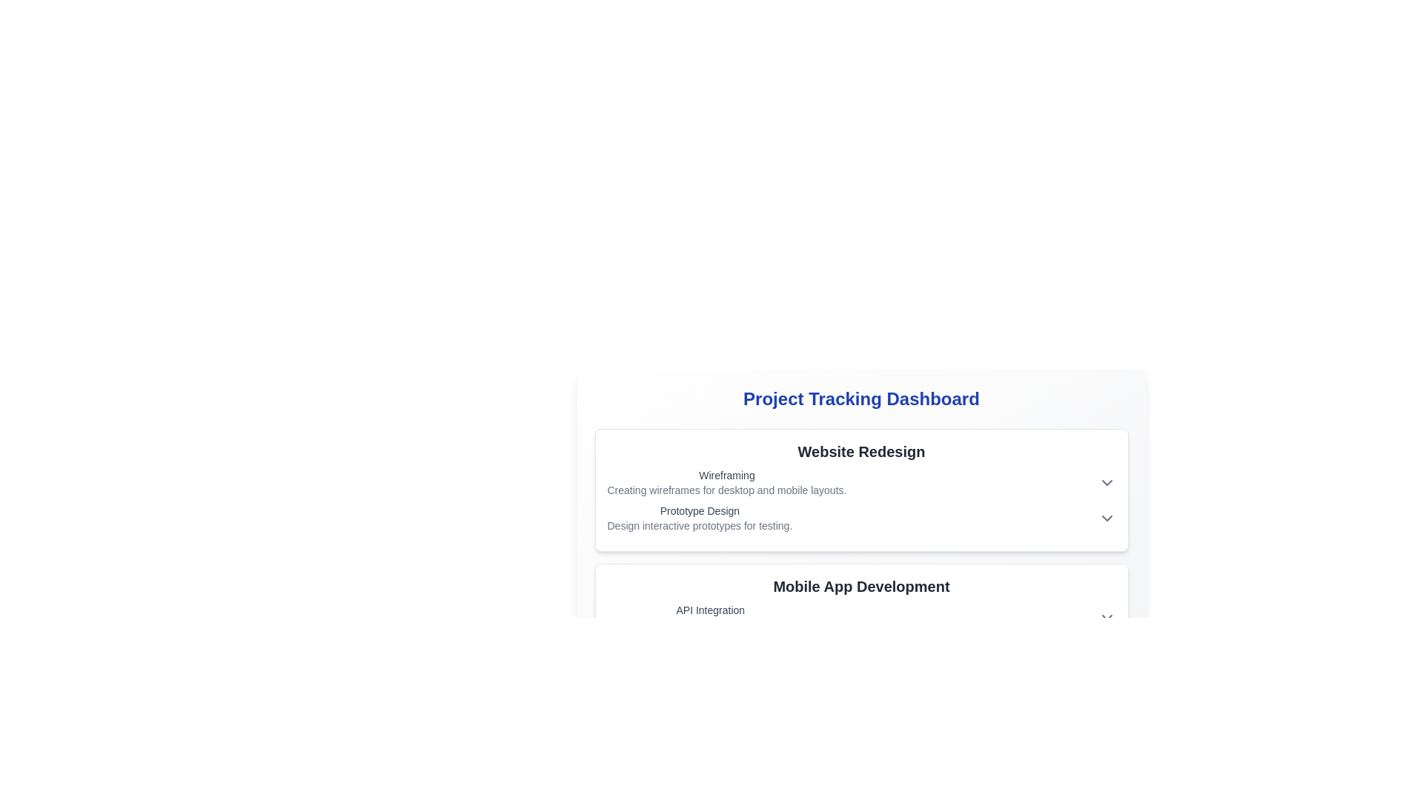 Image resolution: width=1423 pixels, height=800 pixels. What do you see at coordinates (1107, 517) in the screenshot?
I see `the downward-pointing chevron dropdown toggle button located at the right end of the section containing 'Prototype Design: Design interactive prototypes for testing'` at bounding box center [1107, 517].